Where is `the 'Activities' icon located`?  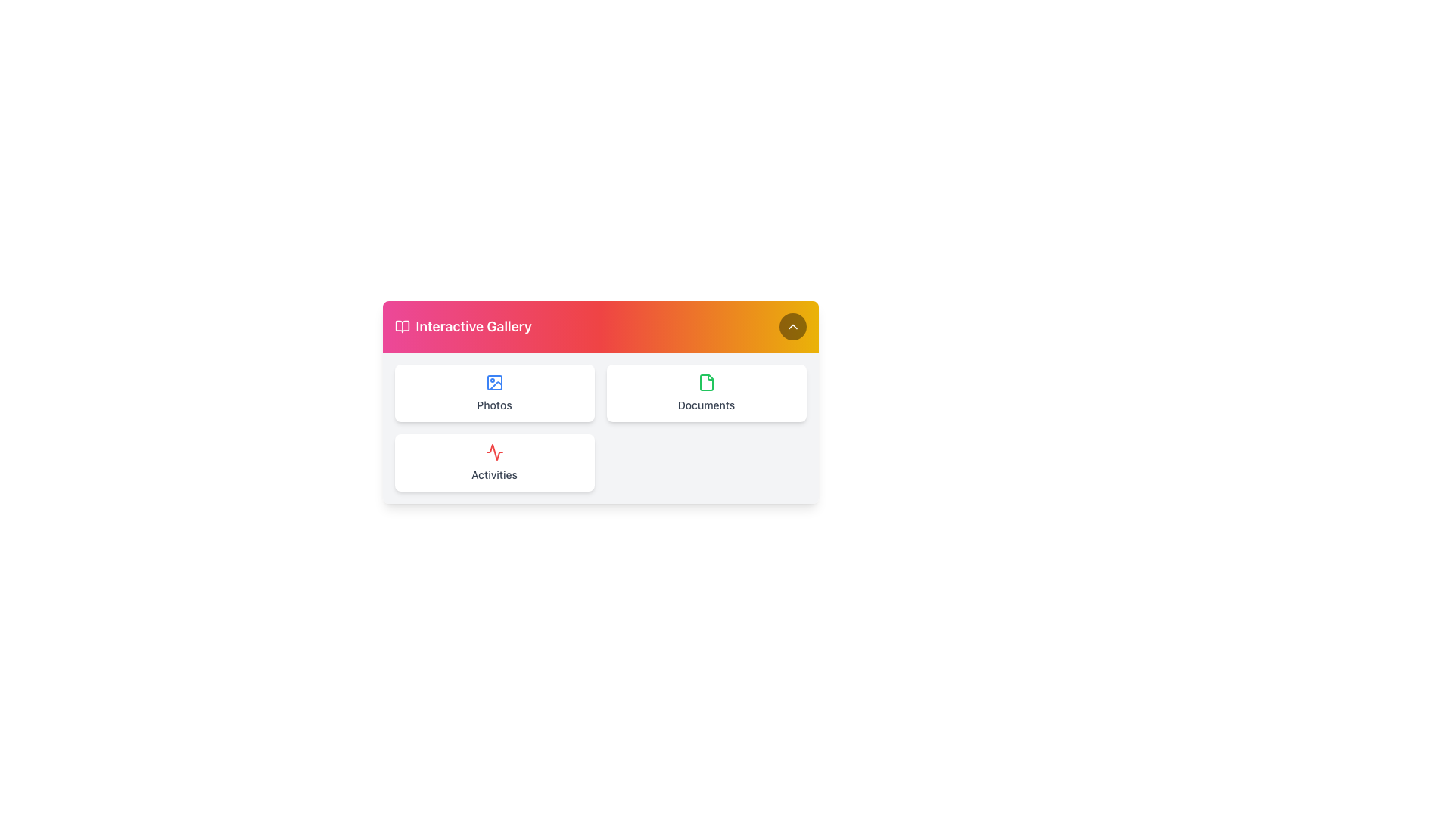 the 'Activities' icon located is located at coordinates (494, 451).